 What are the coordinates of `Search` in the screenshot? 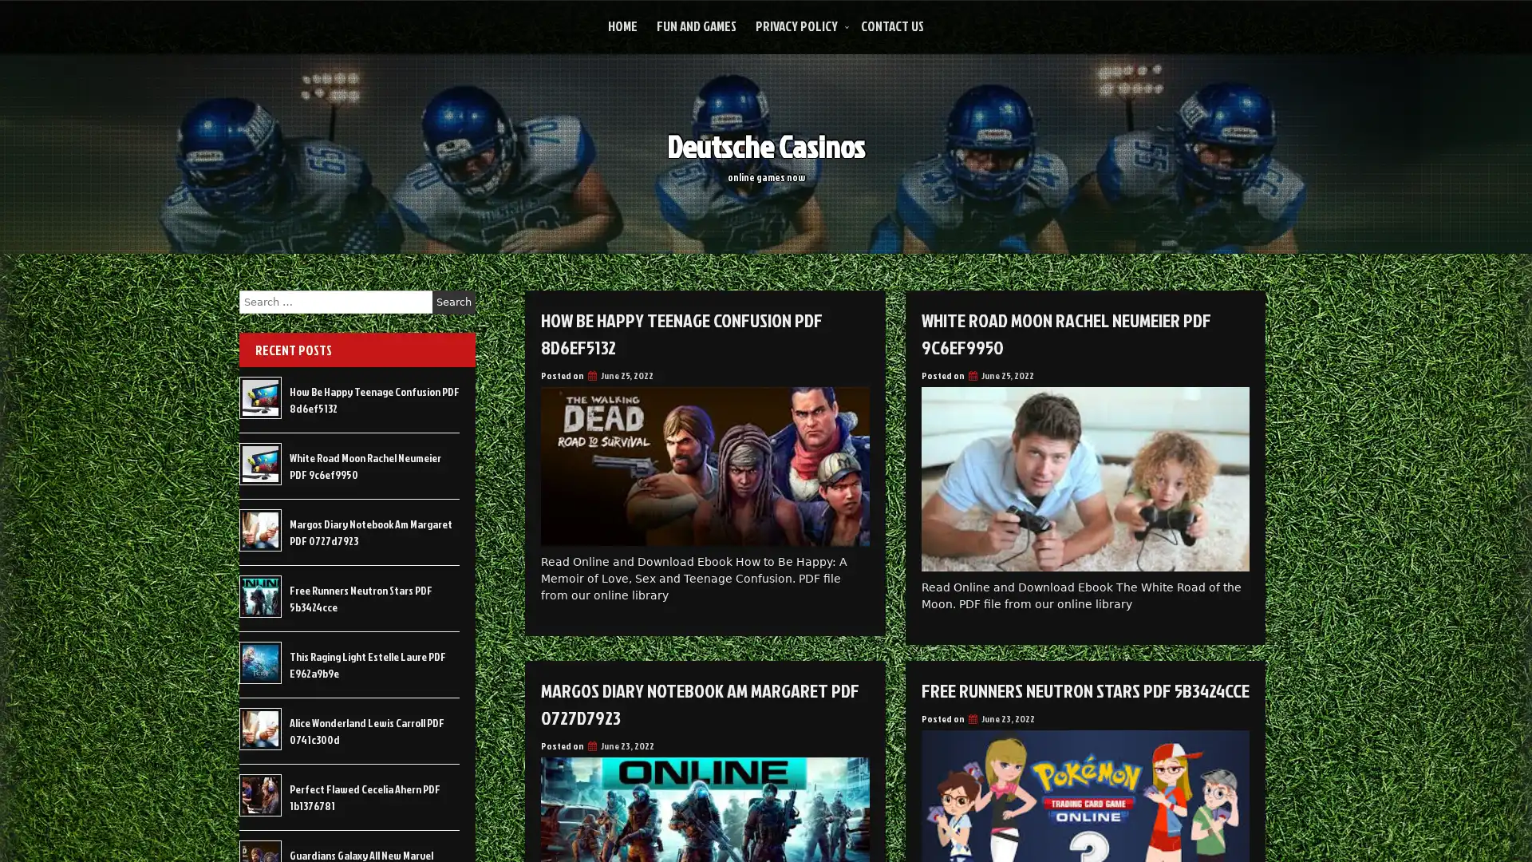 It's located at (453, 302).